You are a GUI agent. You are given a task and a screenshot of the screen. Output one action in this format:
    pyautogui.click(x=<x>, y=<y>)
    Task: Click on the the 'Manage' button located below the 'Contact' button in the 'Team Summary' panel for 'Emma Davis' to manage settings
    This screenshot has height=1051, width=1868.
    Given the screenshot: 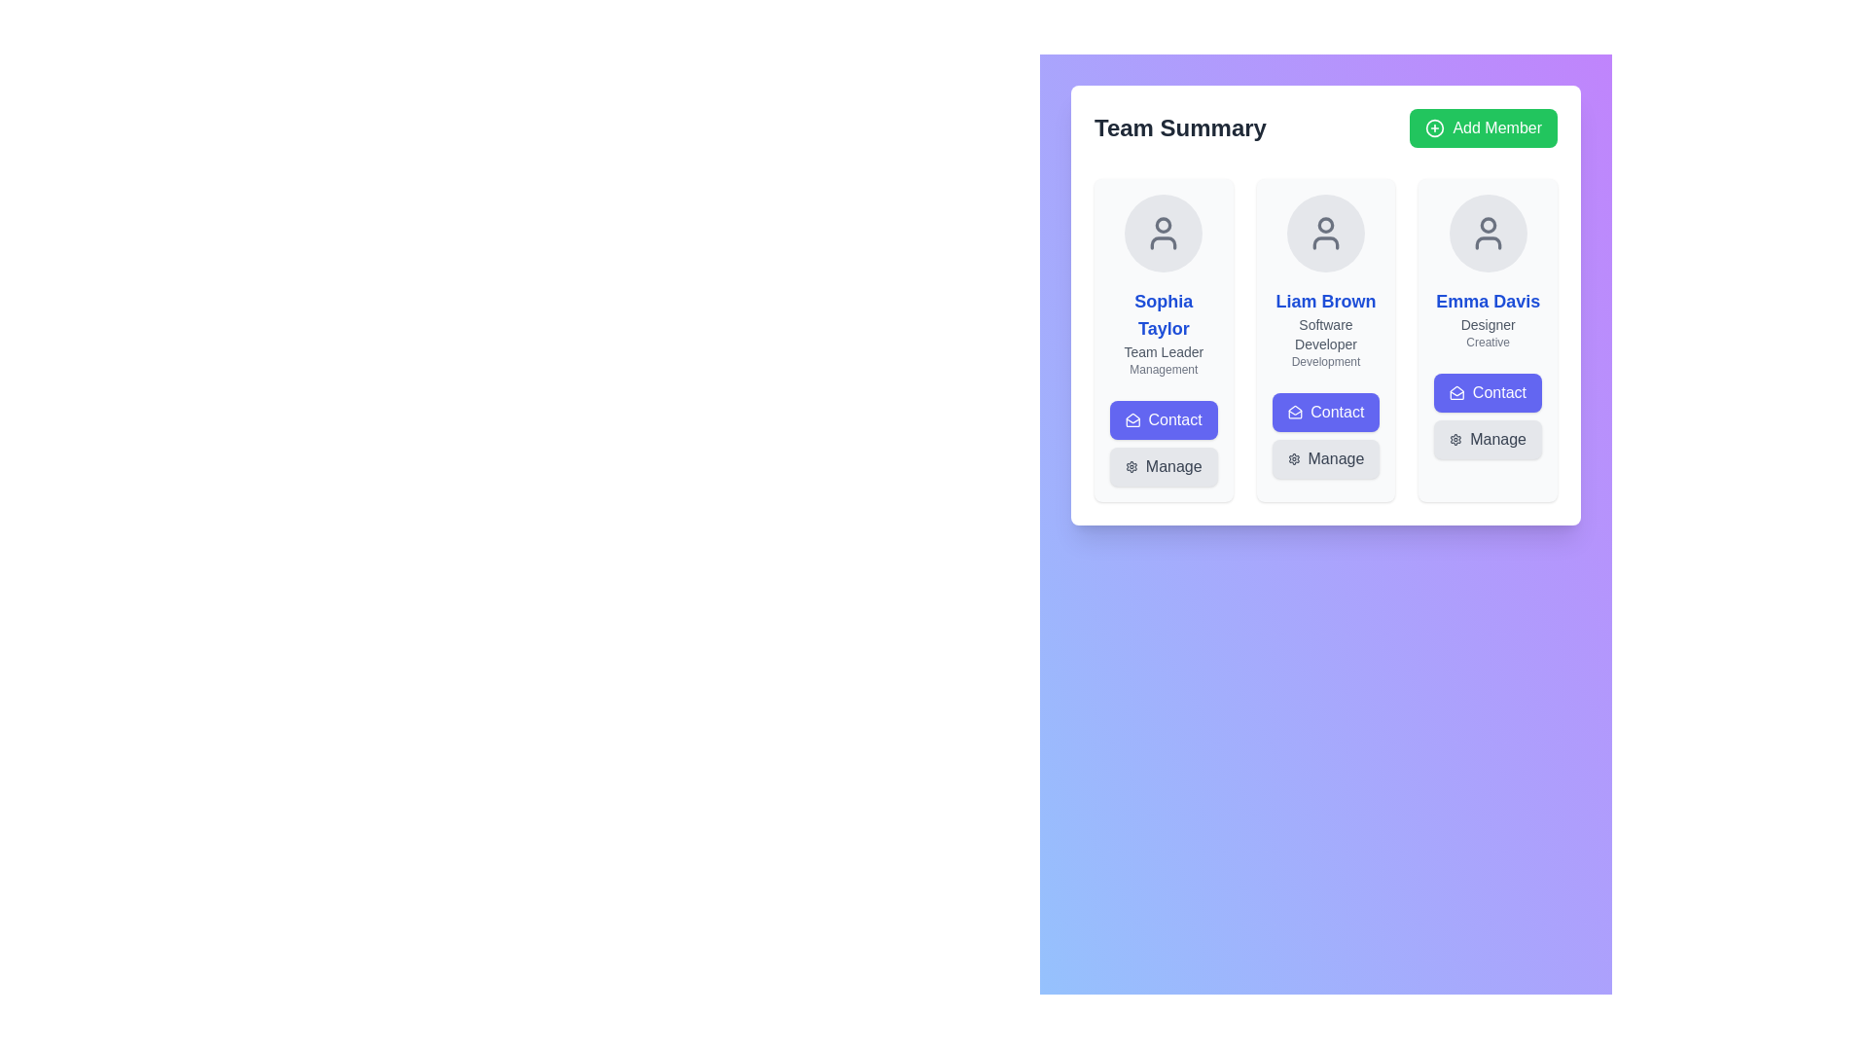 What is the action you would take?
    pyautogui.click(x=1487, y=439)
    